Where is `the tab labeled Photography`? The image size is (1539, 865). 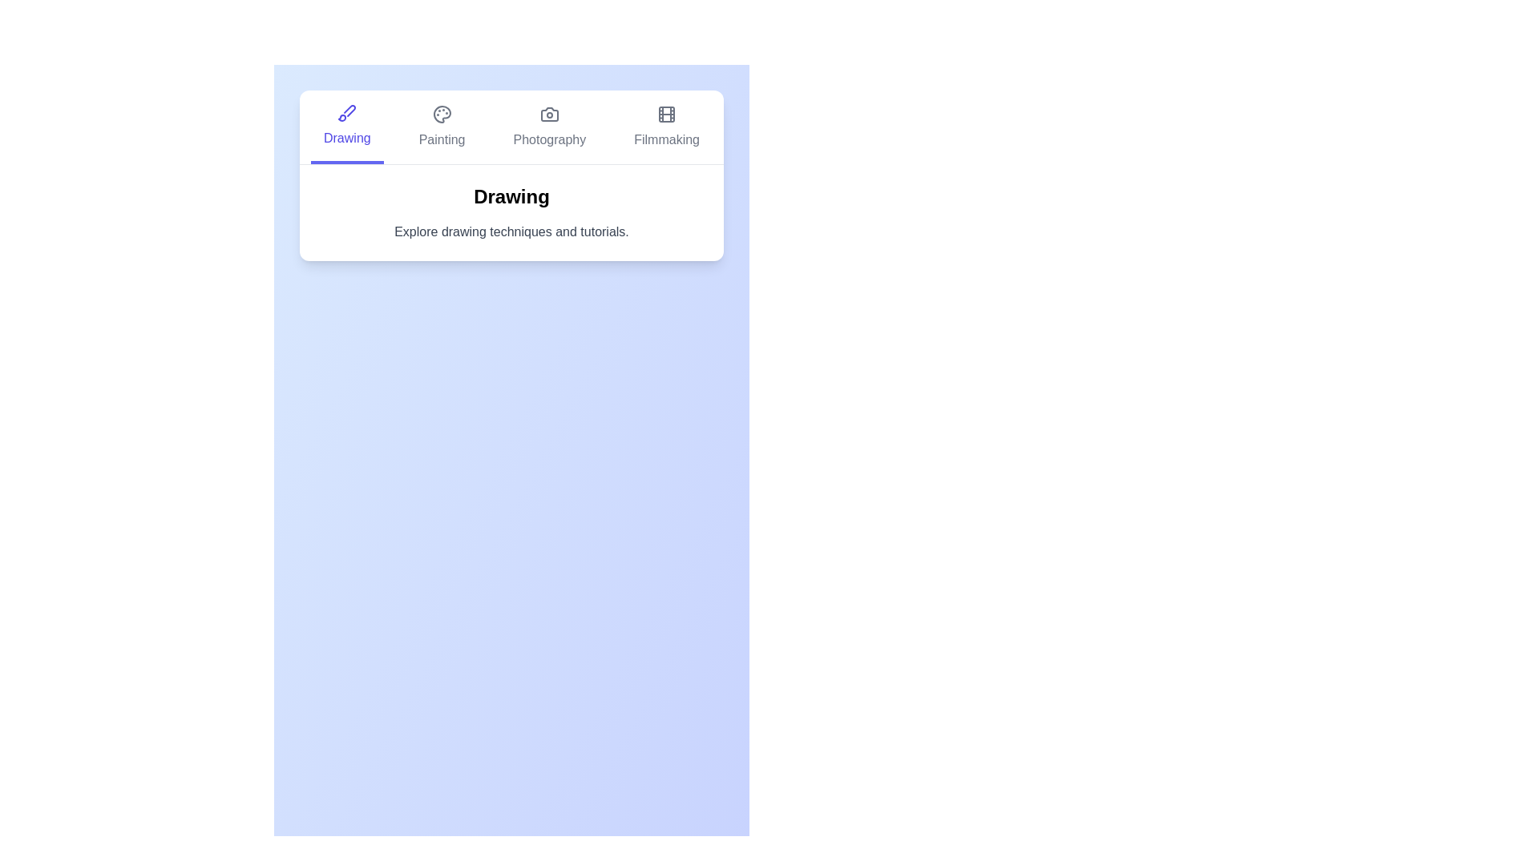
the tab labeled Photography is located at coordinates (549, 126).